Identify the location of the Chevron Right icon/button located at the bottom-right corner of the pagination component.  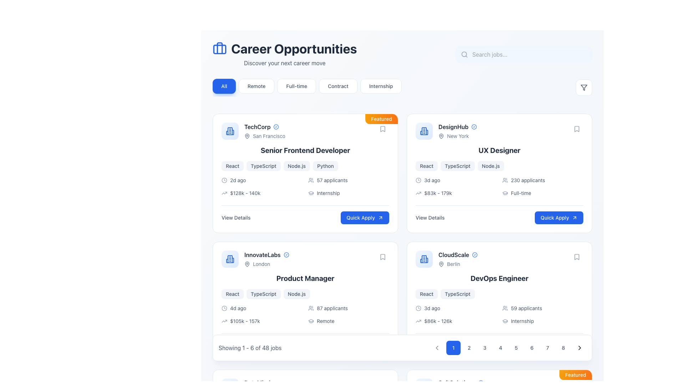
(580, 347).